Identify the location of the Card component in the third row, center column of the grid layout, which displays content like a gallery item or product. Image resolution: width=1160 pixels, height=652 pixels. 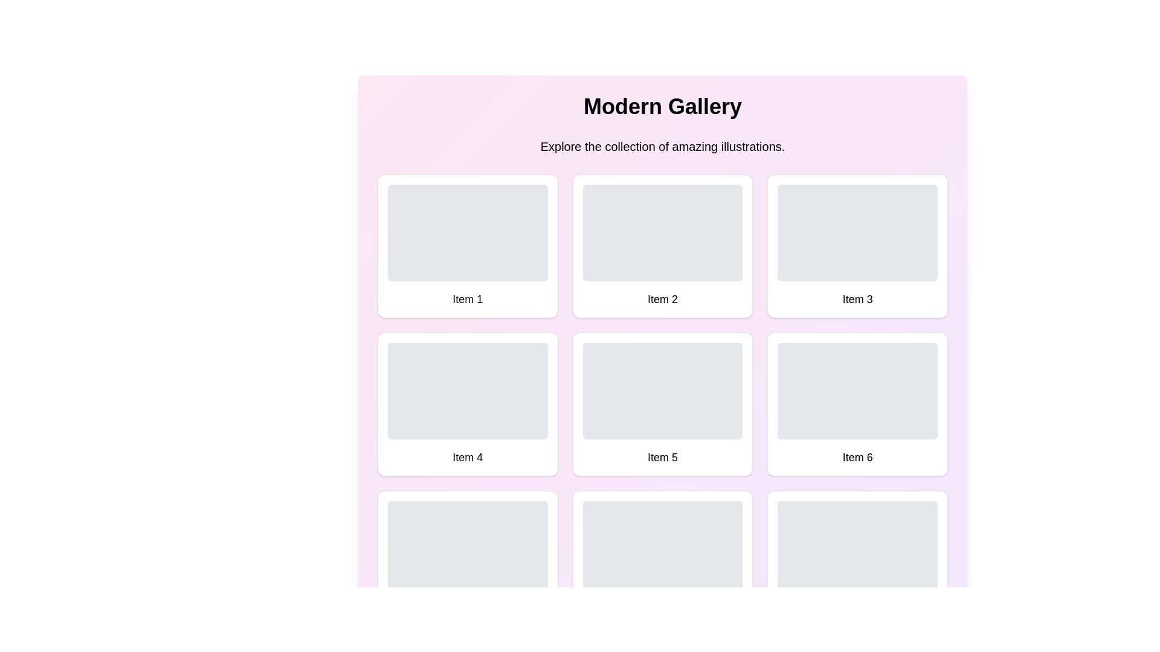
(662, 563).